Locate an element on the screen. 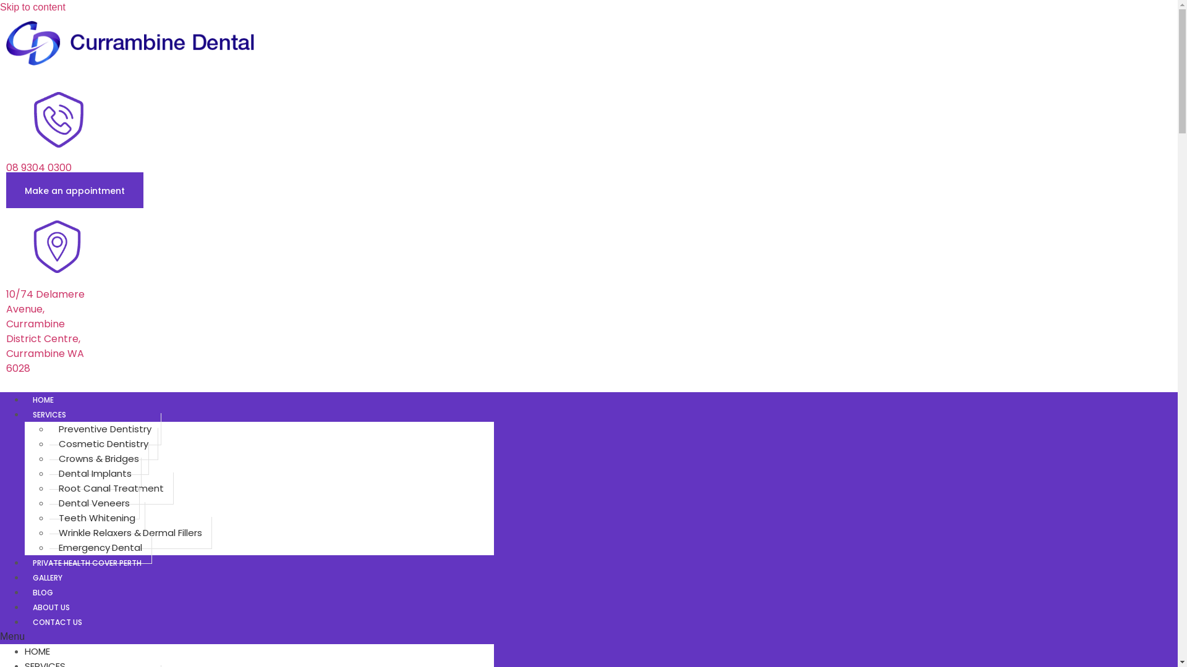 The image size is (1187, 667). 'PRIVATE HEALTH COVER PERTH' is located at coordinates (87, 561).